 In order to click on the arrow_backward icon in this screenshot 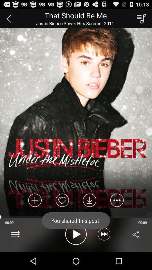, I will do `click(8, 20)`.